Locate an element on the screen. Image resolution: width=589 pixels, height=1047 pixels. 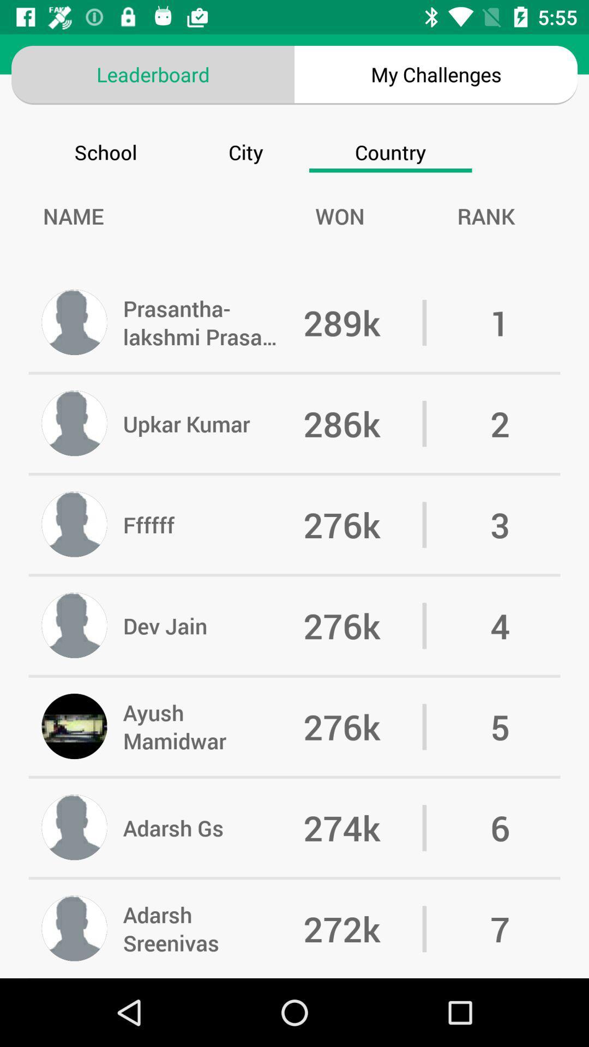
country is located at coordinates (390, 144).